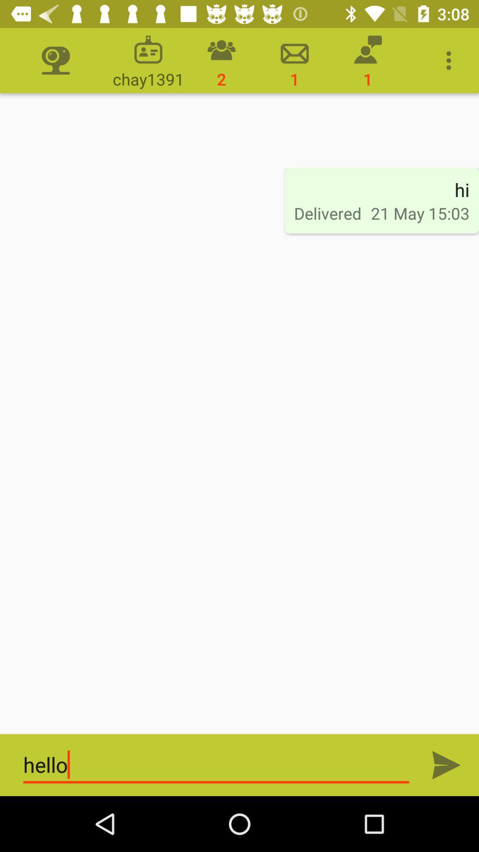 The image size is (479, 852). What do you see at coordinates (446, 765) in the screenshot?
I see `send message` at bounding box center [446, 765].